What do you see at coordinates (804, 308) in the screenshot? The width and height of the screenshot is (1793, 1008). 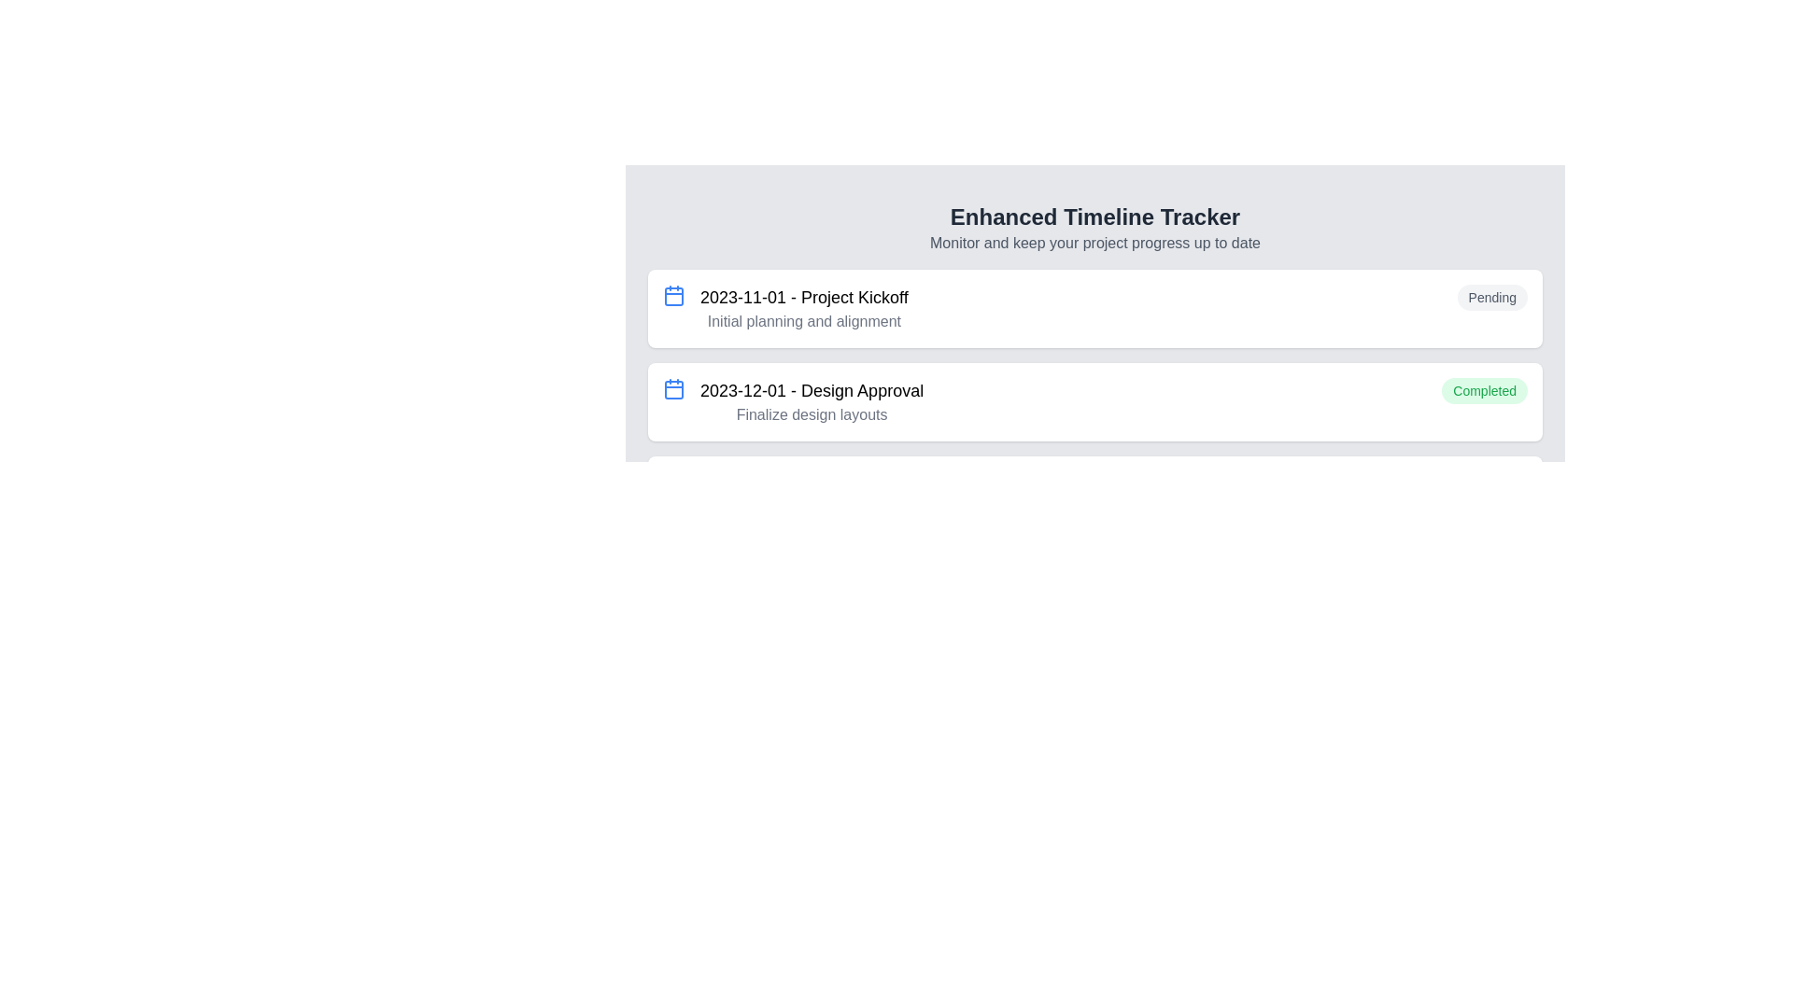 I see `the multi-line text content that displays '2023-11-01 - Project Kickoff' as the heading and 'Initial planning and alignment' as the subtext, located near the top of the first card in a vertical list` at bounding box center [804, 308].